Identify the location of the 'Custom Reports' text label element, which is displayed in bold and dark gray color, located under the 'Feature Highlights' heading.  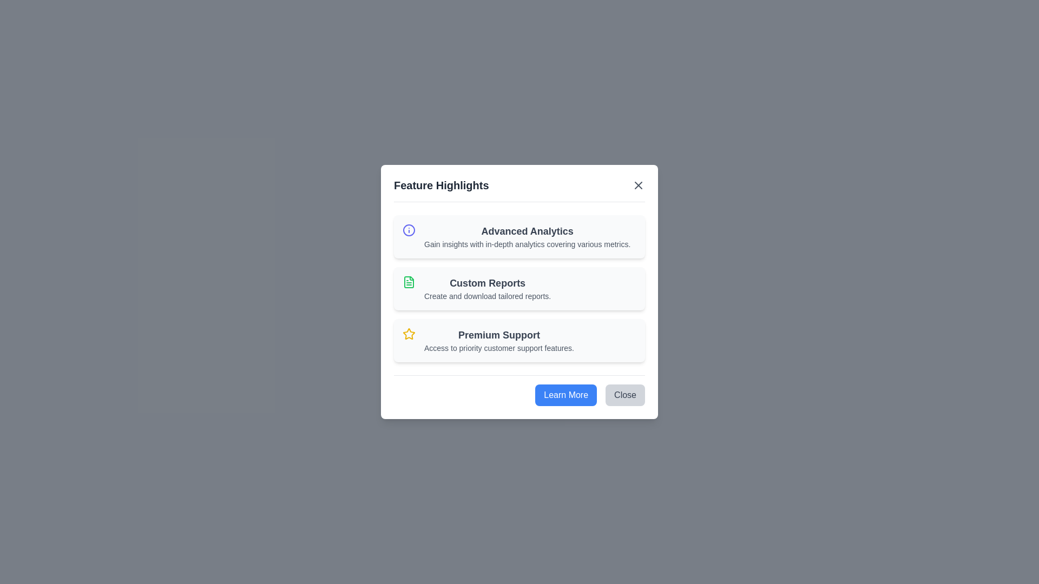
(487, 283).